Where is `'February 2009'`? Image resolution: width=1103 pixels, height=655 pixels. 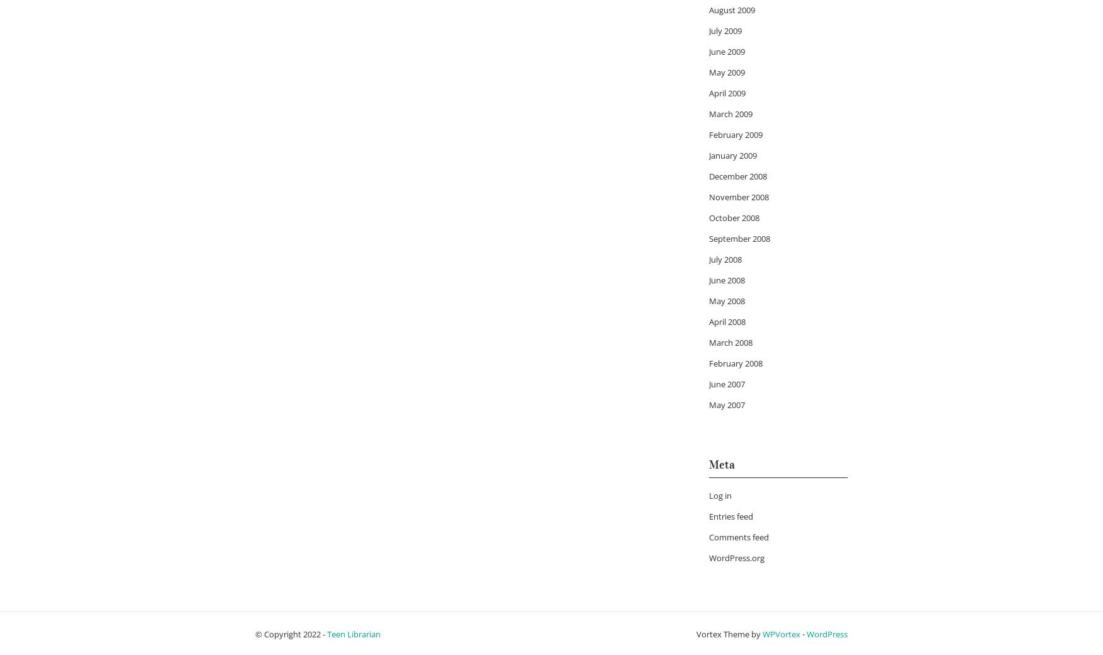 'February 2009' is located at coordinates (735, 134).